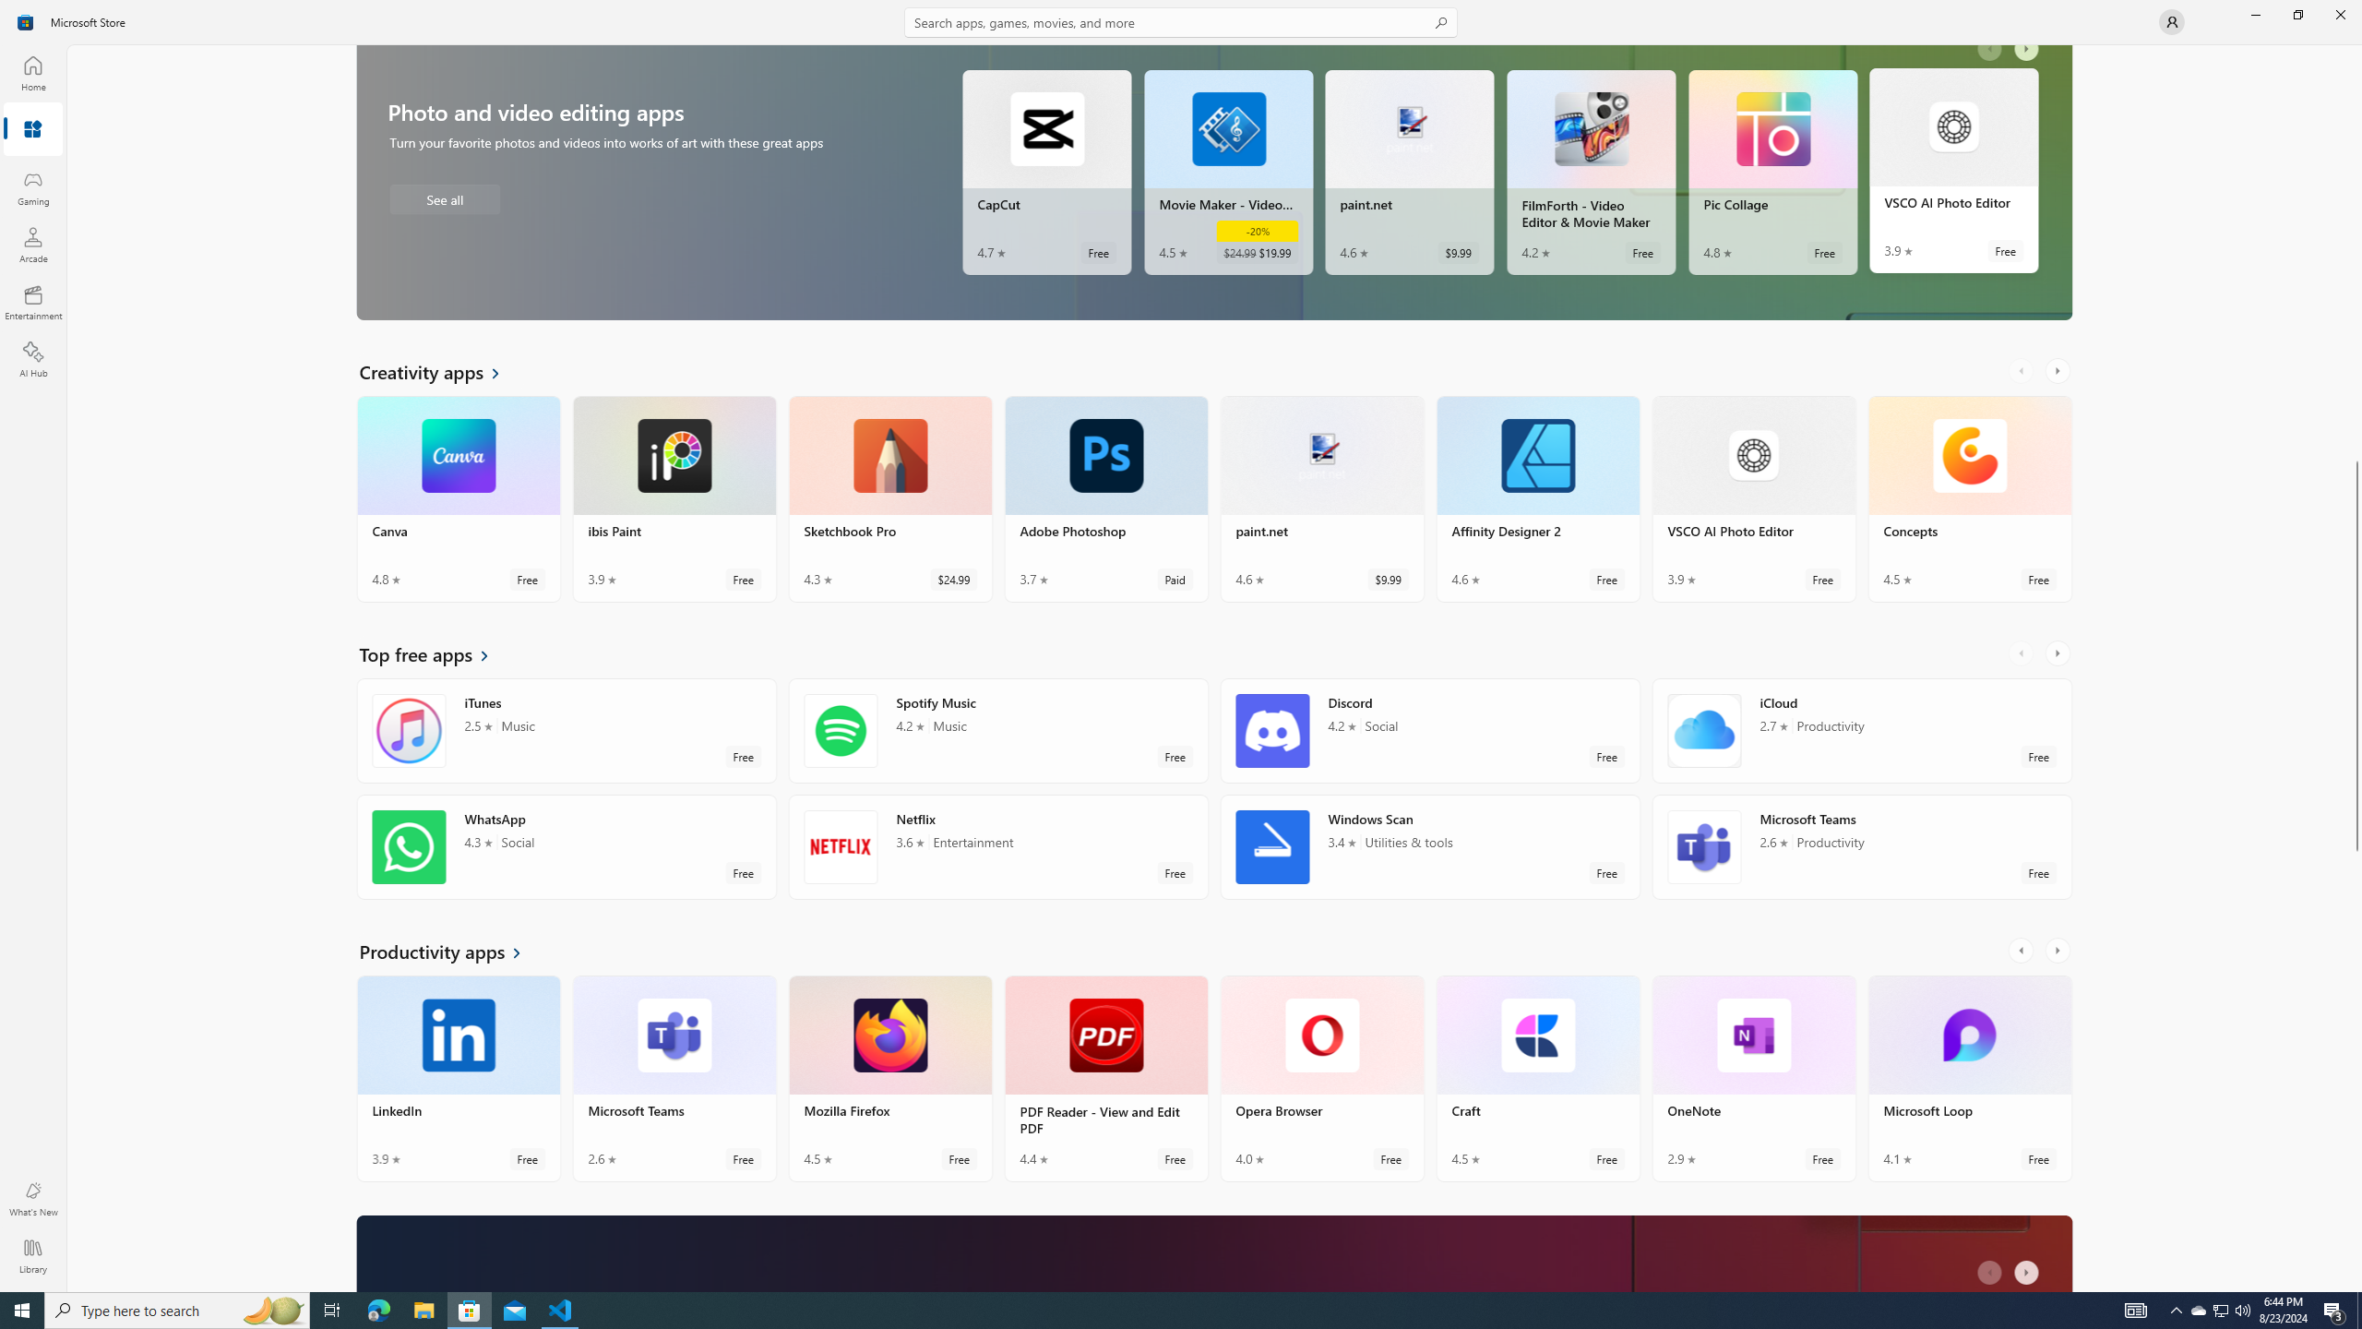 This screenshot has height=1329, width=2362. I want to click on 'LinkedIn. Average rating of 3.9 out of five stars. Free  ', so click(459, 1085).